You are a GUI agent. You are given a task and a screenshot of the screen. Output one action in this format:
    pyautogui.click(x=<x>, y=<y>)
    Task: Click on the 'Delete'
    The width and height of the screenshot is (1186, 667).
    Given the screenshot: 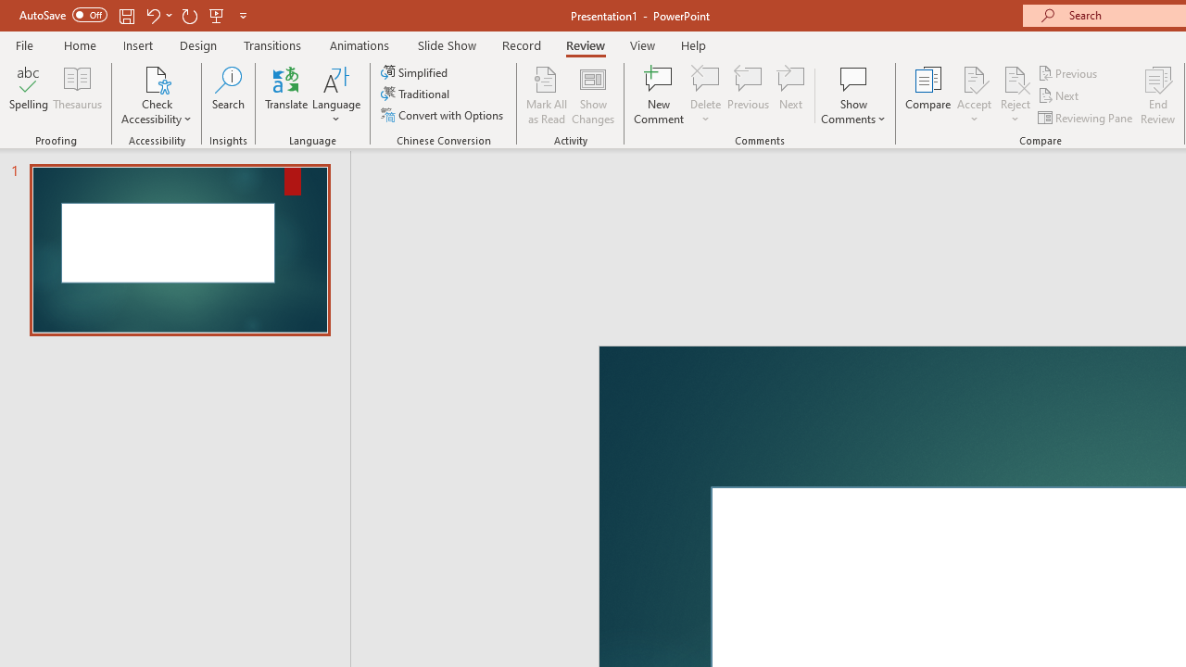 What is the action you would take?
    pyautogui.click(x=705, y=78)
    